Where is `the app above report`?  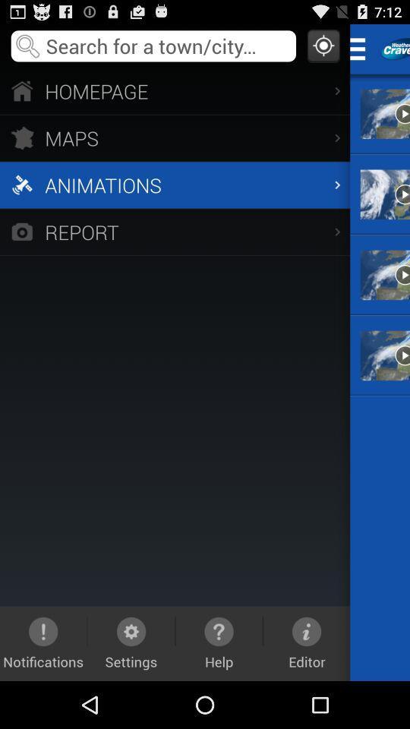
the app above report is located at coordinates (174, 184).